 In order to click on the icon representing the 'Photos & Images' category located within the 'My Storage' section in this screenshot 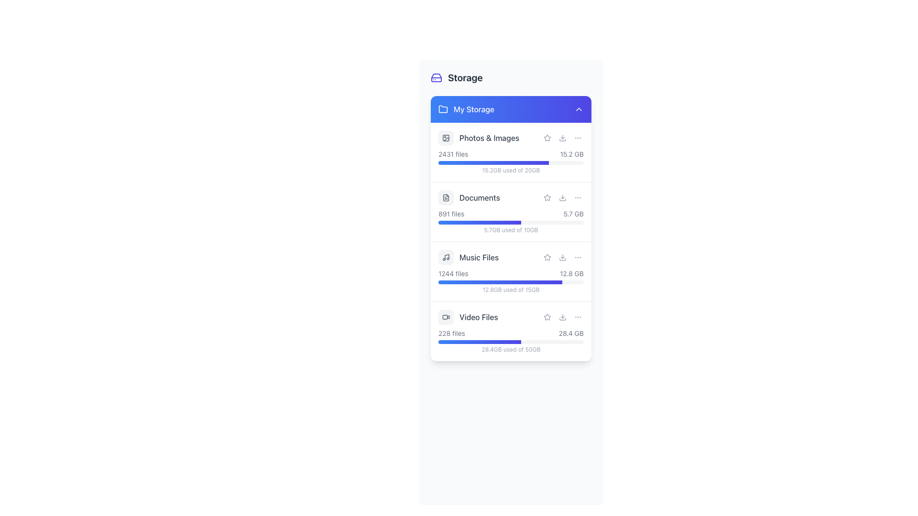, I will do `click(445, 138)`.